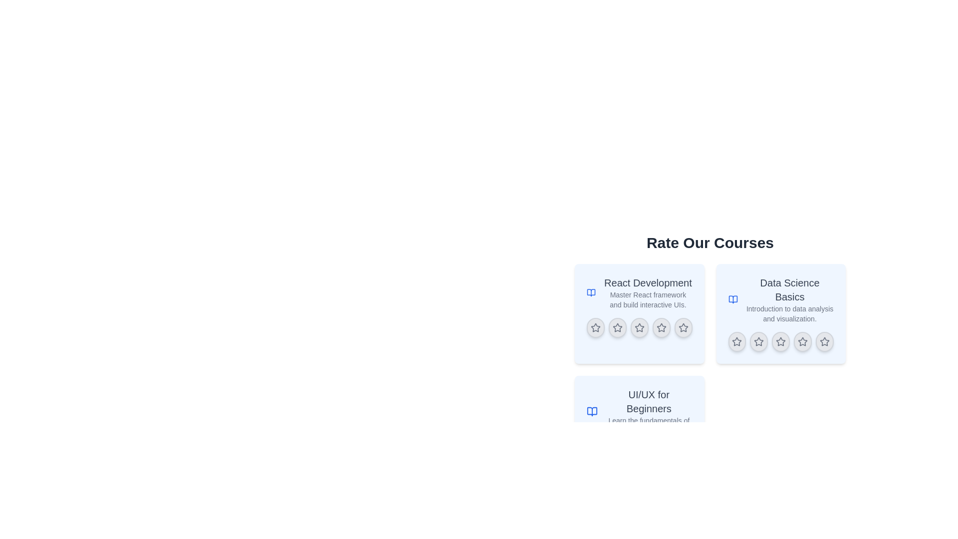  I want to click on the hollow star button with a gray border in the second column of the rating system for 'Data Science Basics' to rate it, so click(737, 341).